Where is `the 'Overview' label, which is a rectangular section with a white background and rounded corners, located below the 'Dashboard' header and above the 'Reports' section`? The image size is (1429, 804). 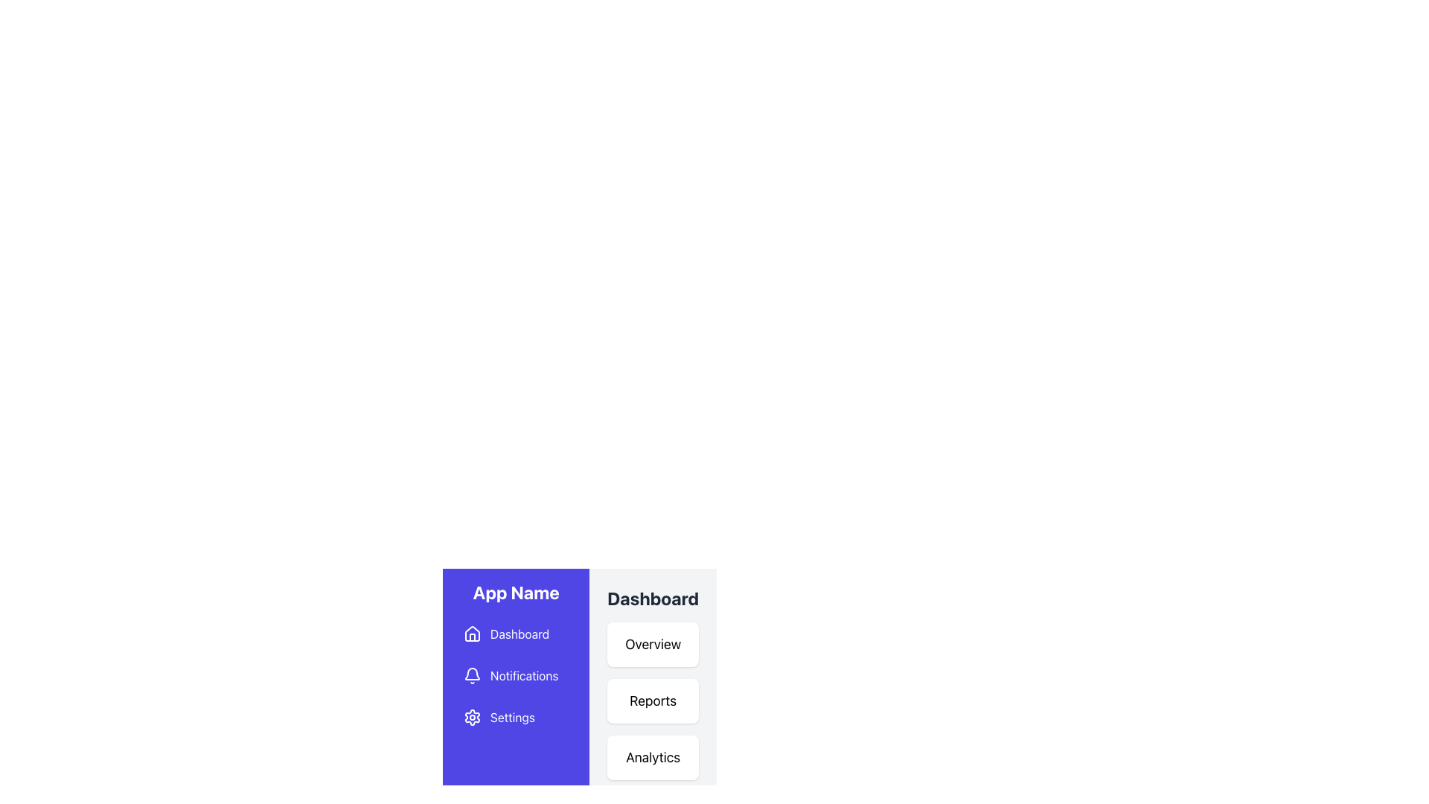 the 'Overview' label, which is a rectangular section with a white background and rounded corners, located below the 'Dashboard' header and above the 'Reports' section is located at coordinates (653, 644).